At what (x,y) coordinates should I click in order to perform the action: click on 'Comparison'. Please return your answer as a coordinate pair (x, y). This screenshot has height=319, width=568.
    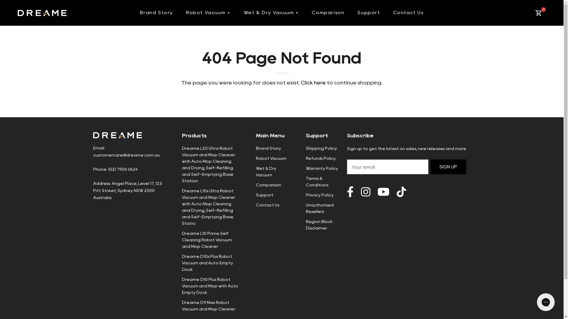
    Looking at the image, I should click on (327, 12).